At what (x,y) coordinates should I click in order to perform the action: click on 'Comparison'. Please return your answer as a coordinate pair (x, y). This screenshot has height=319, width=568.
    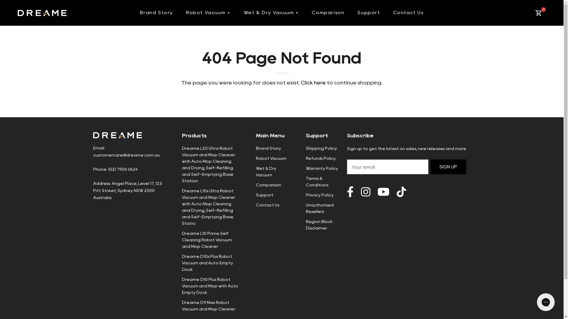
    Looking at the image, I should click on (327, 12).